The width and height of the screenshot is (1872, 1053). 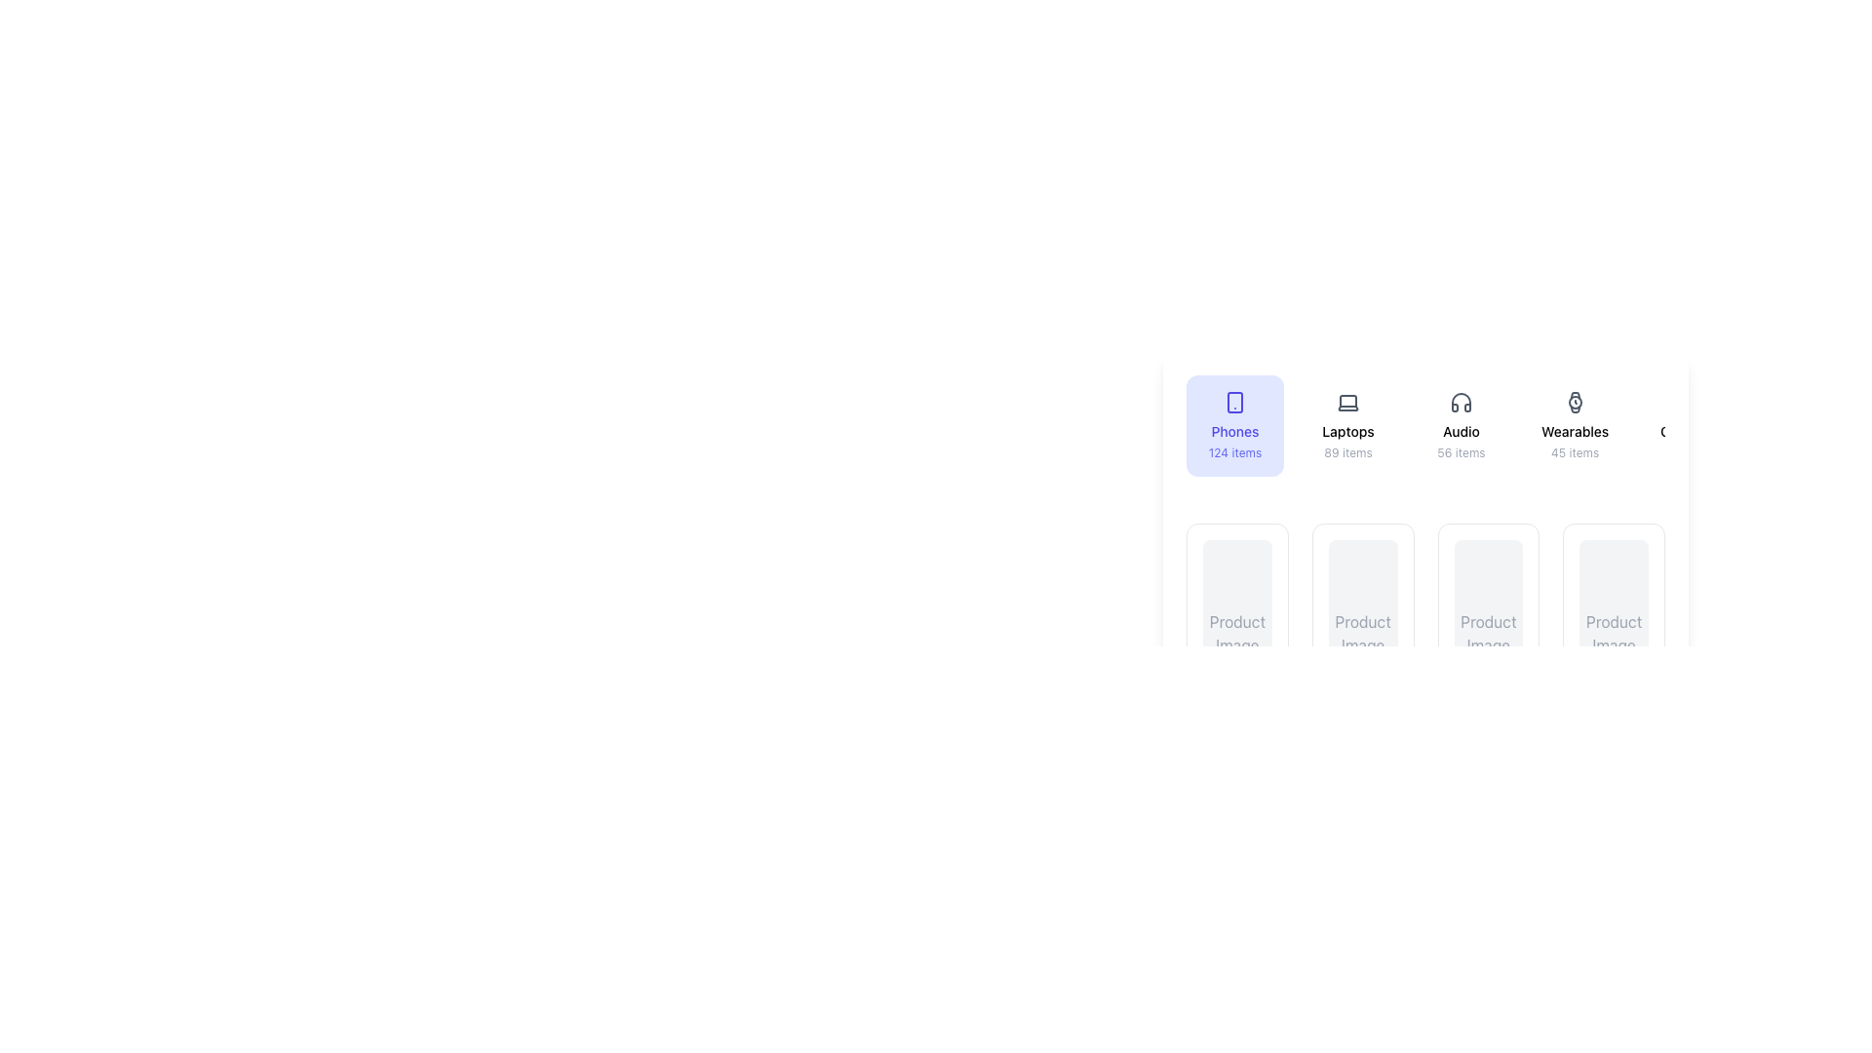 What do you see at coordinates (1575, 453) in the screenshot?
I see `the Text Label that informs the user of the total number of items in the 'Wearables' category, located directly beneath the 'Wearables' label in the top row of categories` at bounding box center [1575, 453].